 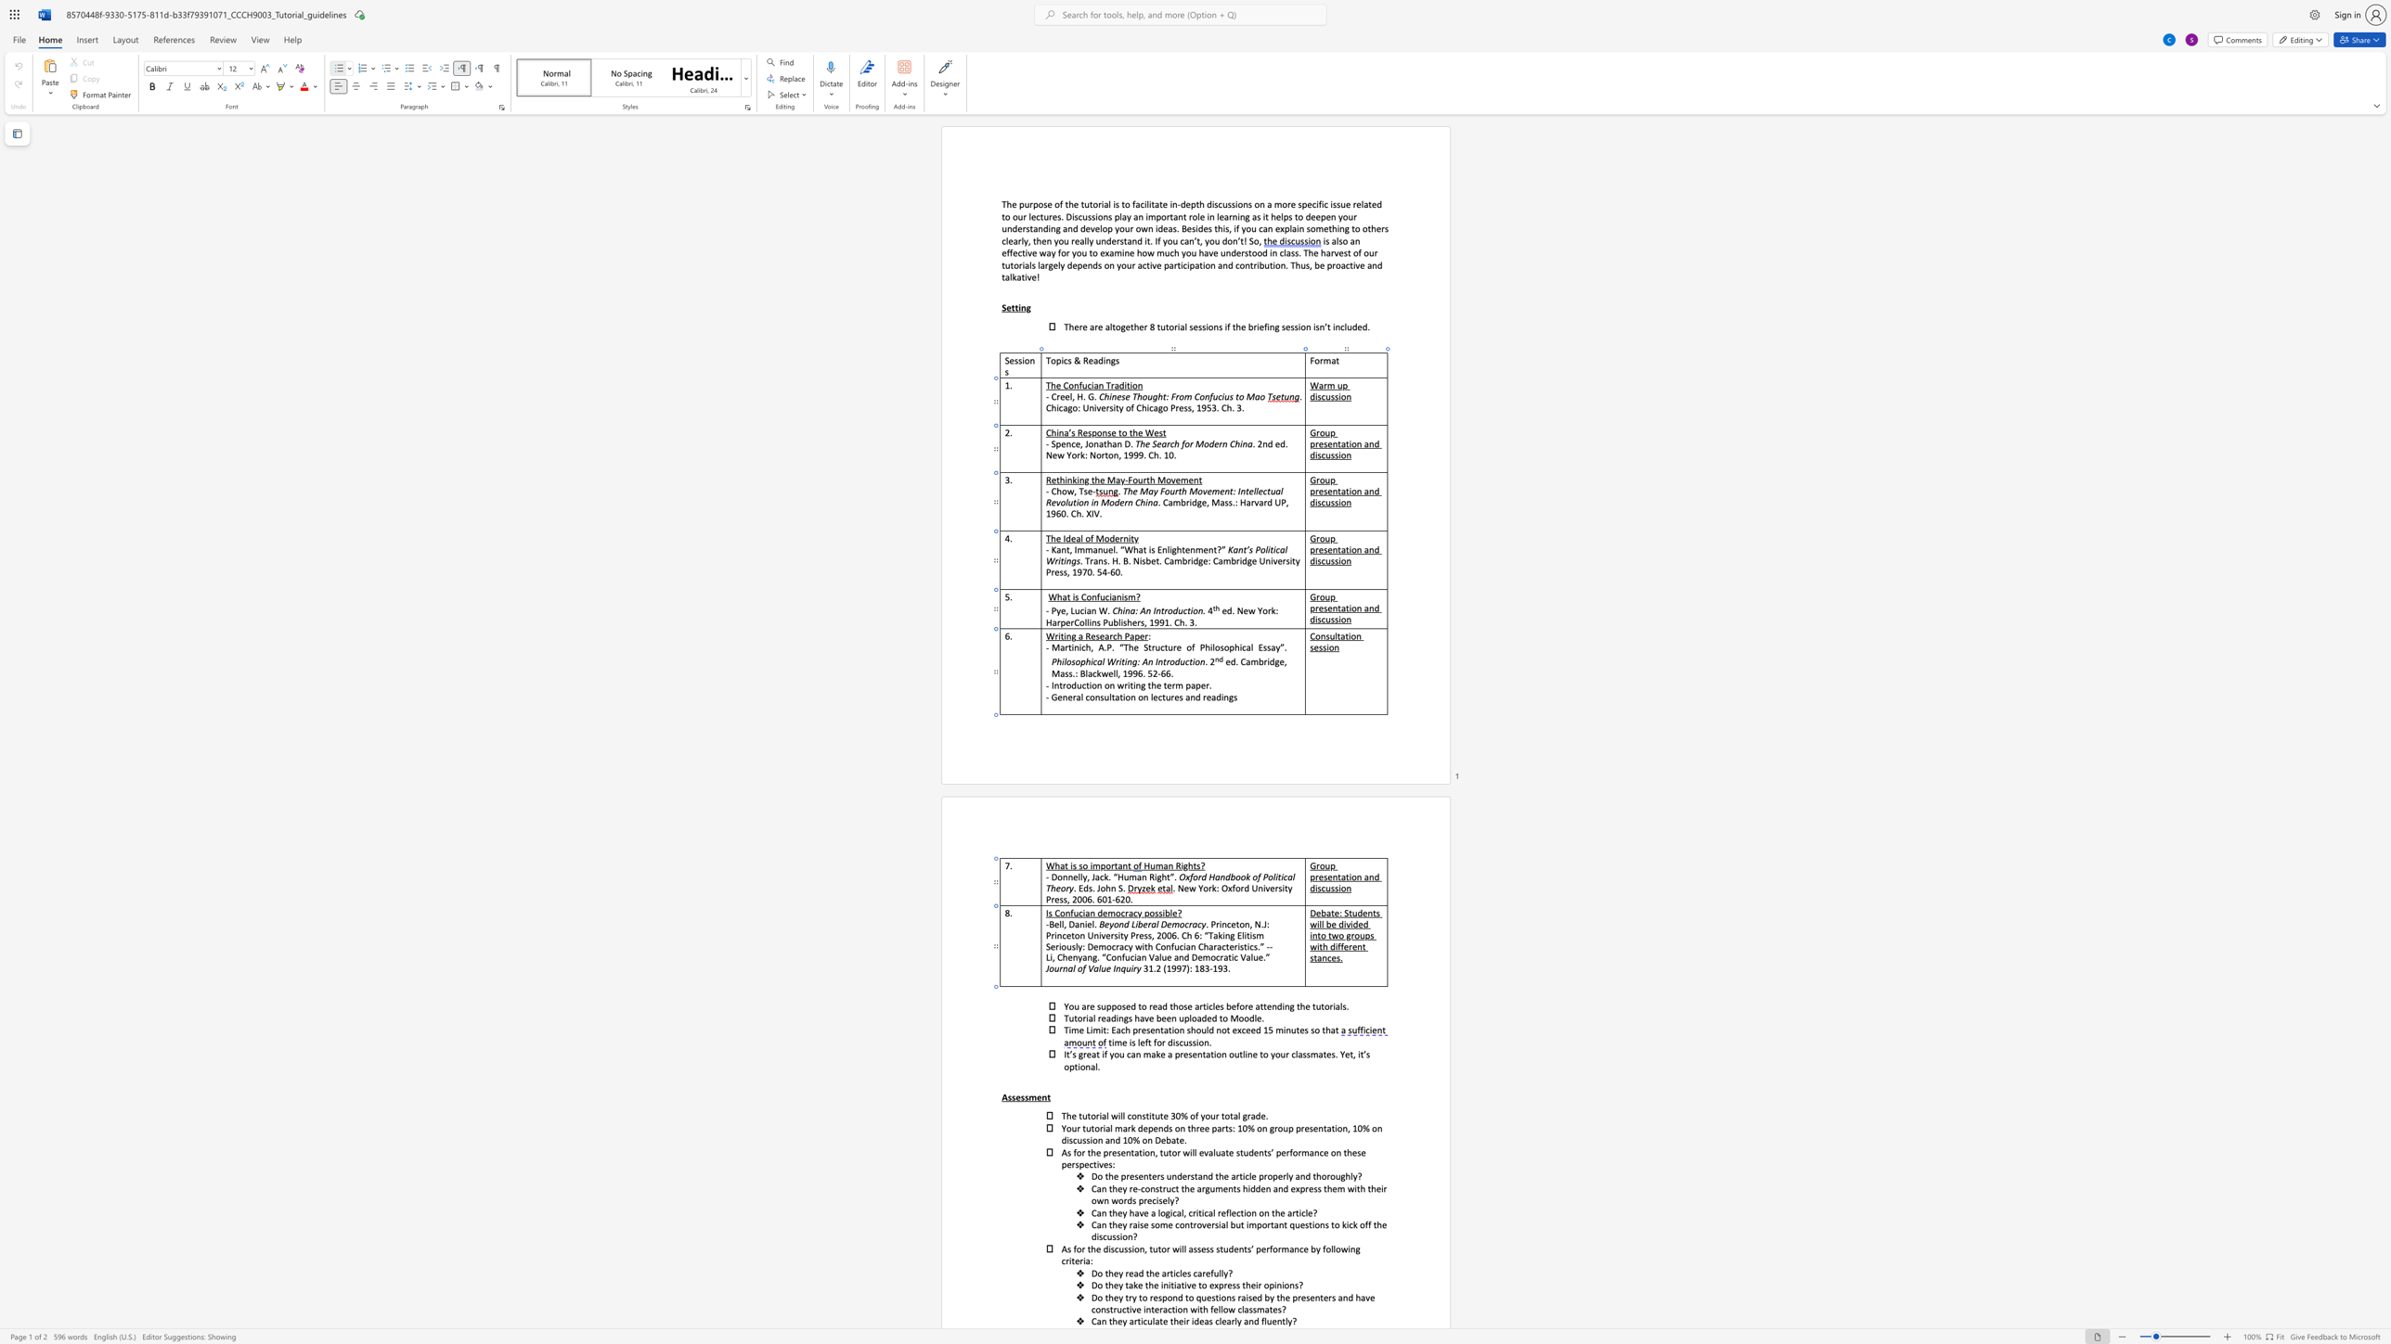 What do you see at coordinates (1163, 1043) in the screenshot?
I see `the 1th character "r" in the text` at bounding box center [1163, 1043].